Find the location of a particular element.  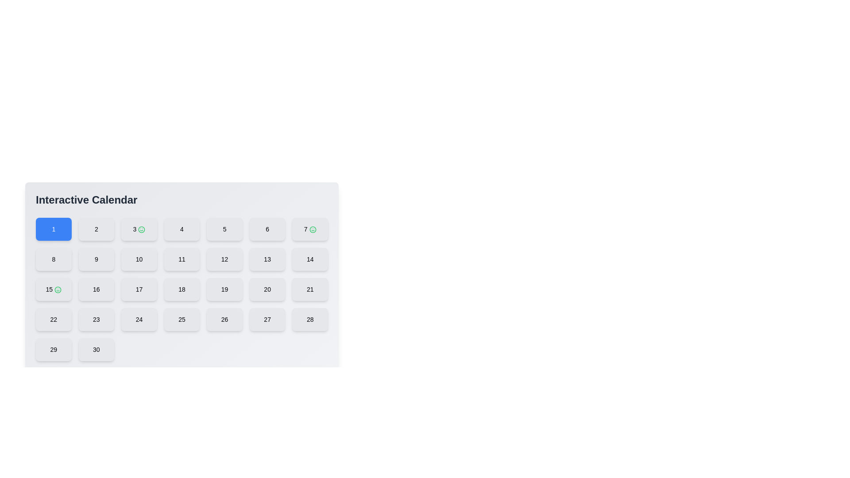

the interactive day slot button representing the 18th day in the calendar interface is located at coordinates (182, 289).